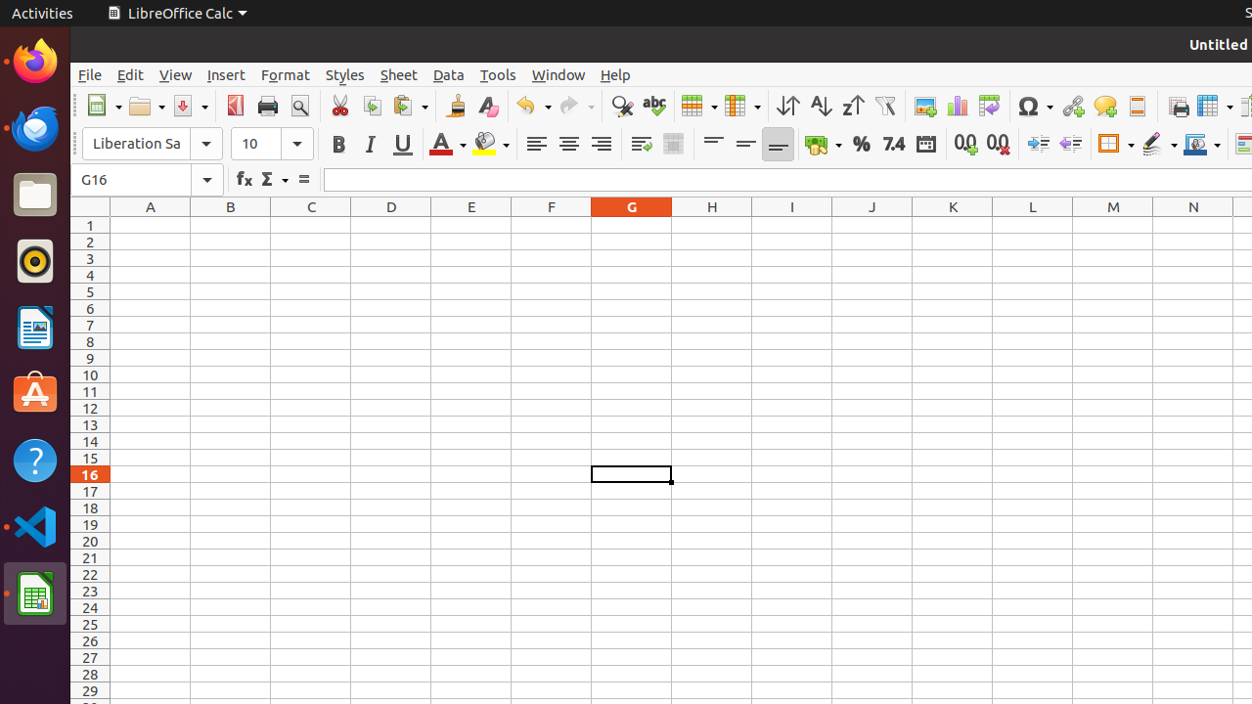 This screenshot has width=1252, height=704. What do you see at coordinates (957, 106) in the screenshot?
I see `'Chart'` at bounding box center [957, 106].